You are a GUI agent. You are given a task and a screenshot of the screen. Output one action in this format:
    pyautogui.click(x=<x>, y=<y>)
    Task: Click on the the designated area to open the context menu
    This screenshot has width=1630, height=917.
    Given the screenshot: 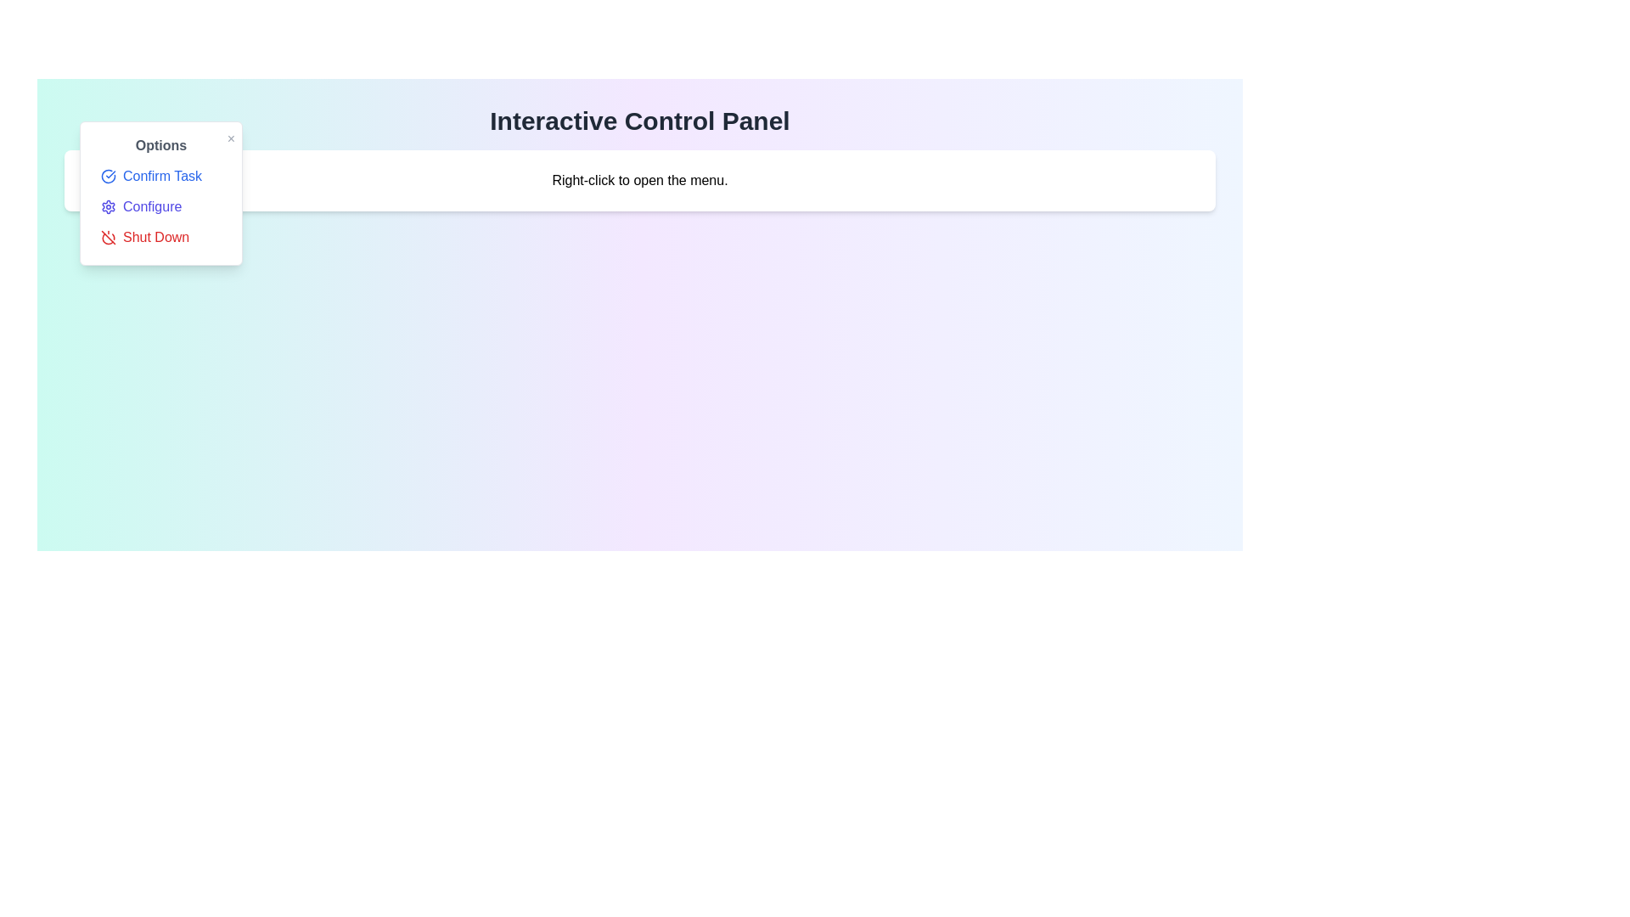 What is the action you would take?
    pyautogui.click(x=638, y=180)
    